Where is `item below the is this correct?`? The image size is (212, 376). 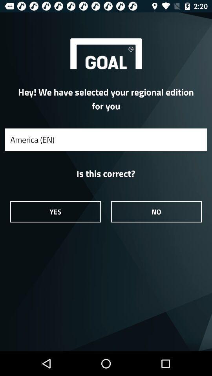
item below the is this correct? is located at coordinates (55, 211).